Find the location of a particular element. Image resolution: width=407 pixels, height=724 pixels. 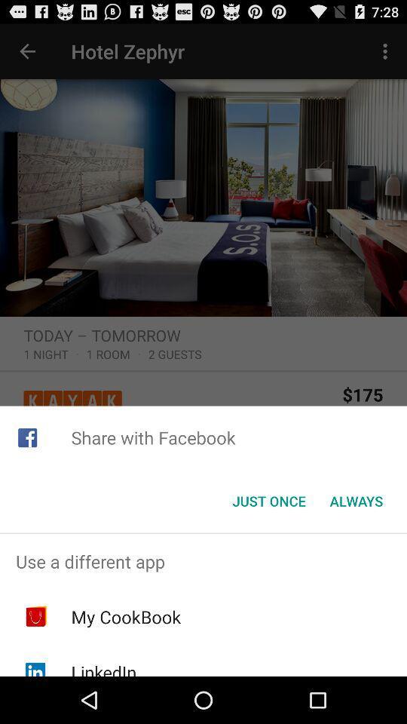

the always at the bottom right corner is located at coordinates (356, 501).